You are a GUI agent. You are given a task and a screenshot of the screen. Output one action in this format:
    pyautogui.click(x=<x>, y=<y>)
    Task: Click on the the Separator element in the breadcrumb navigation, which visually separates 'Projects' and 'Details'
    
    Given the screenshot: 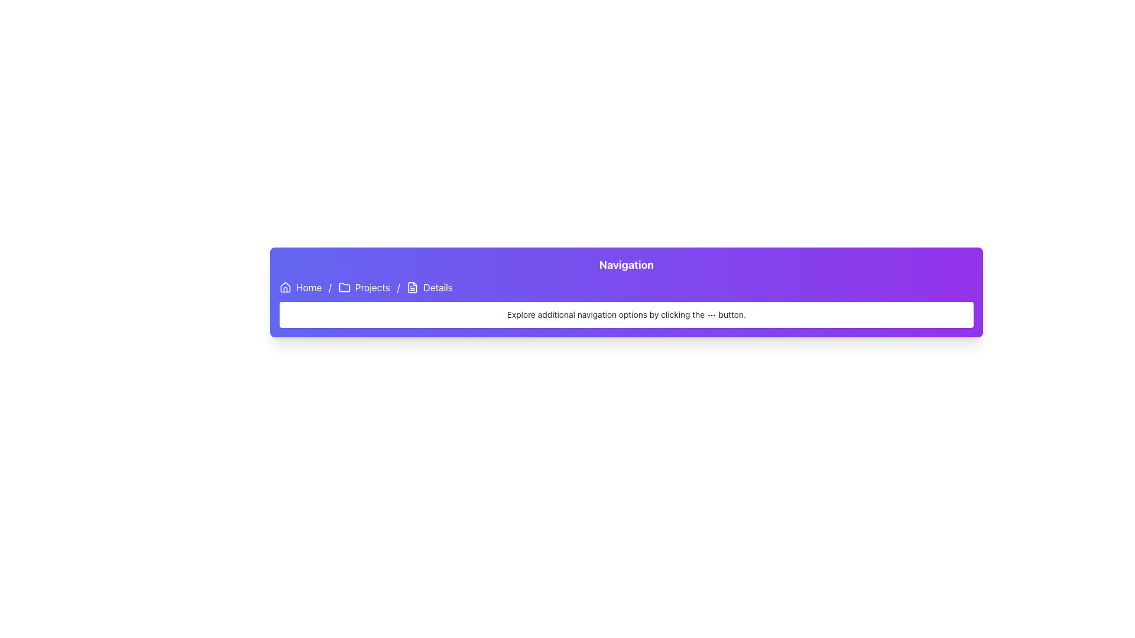 What is the action you would take?
    pyautogui.click(x=398, y=287)
    